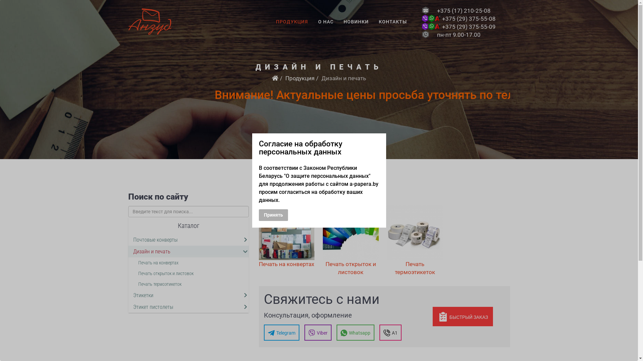 This screenshot has width=643, height=361. I want to click on 'Telegram', so click(281, 332).